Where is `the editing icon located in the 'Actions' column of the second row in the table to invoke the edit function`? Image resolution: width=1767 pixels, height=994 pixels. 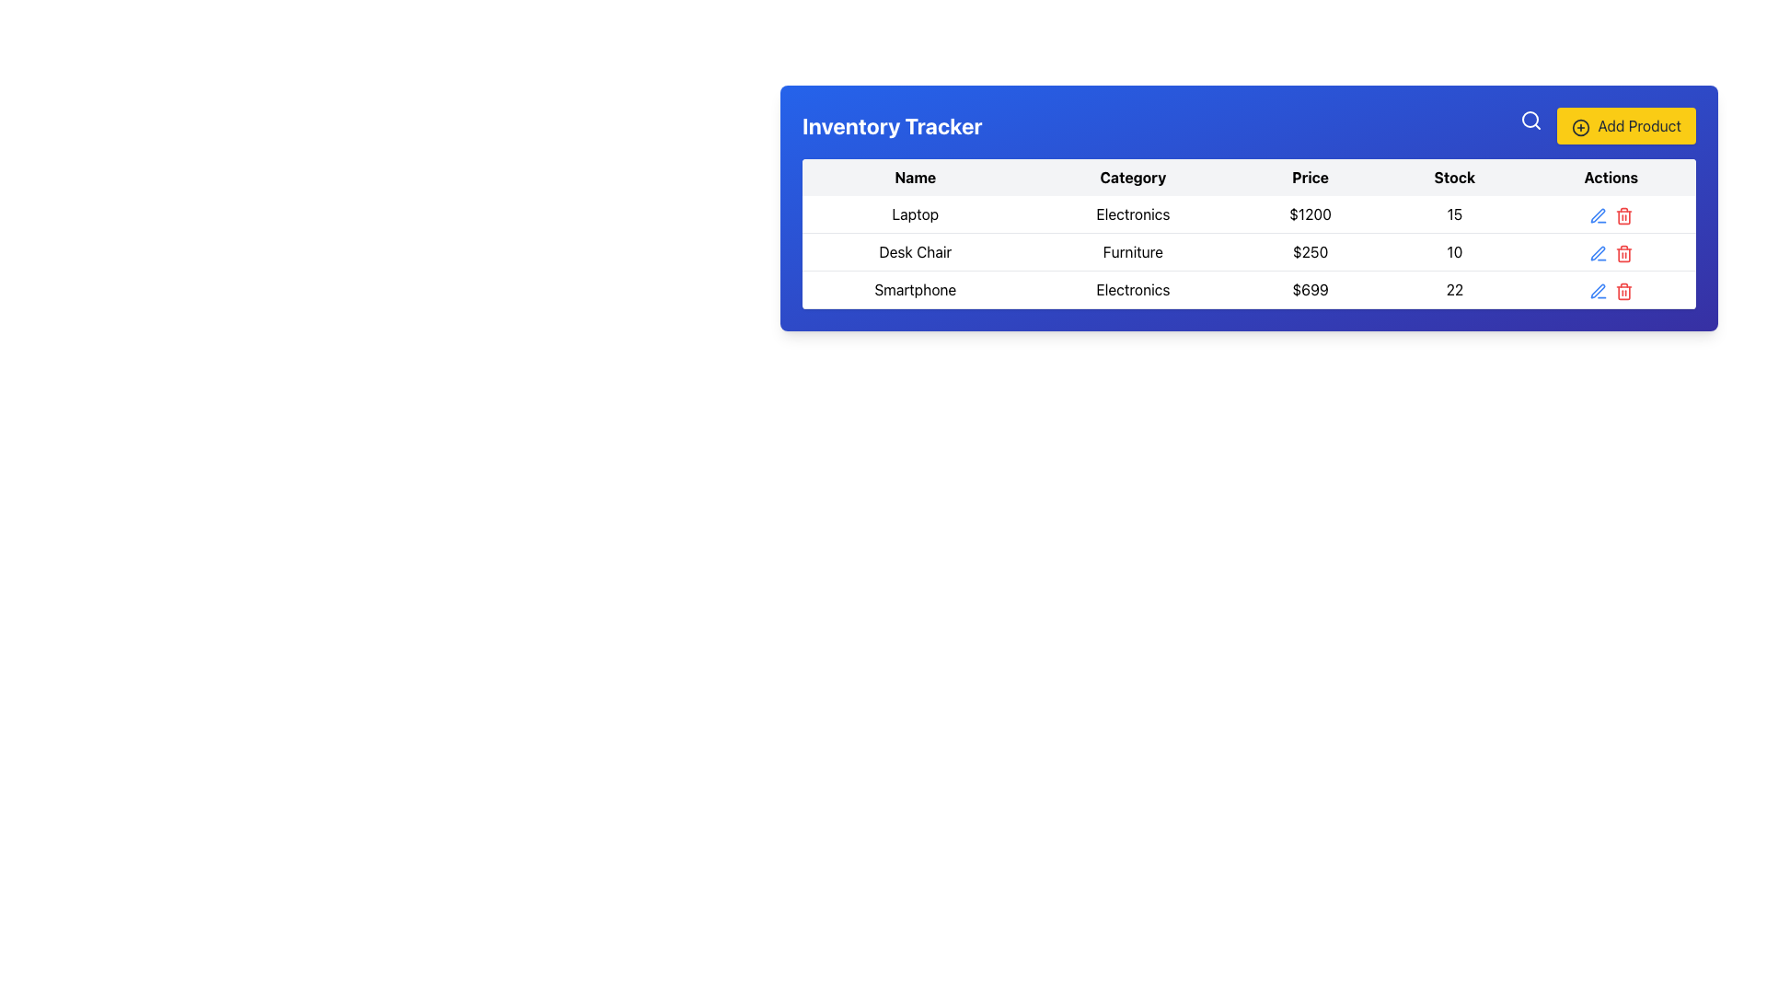
the editing icon located in the 'Actions' column of the second row in the table to invoke the edit function is located at coordinates (1597, 251).